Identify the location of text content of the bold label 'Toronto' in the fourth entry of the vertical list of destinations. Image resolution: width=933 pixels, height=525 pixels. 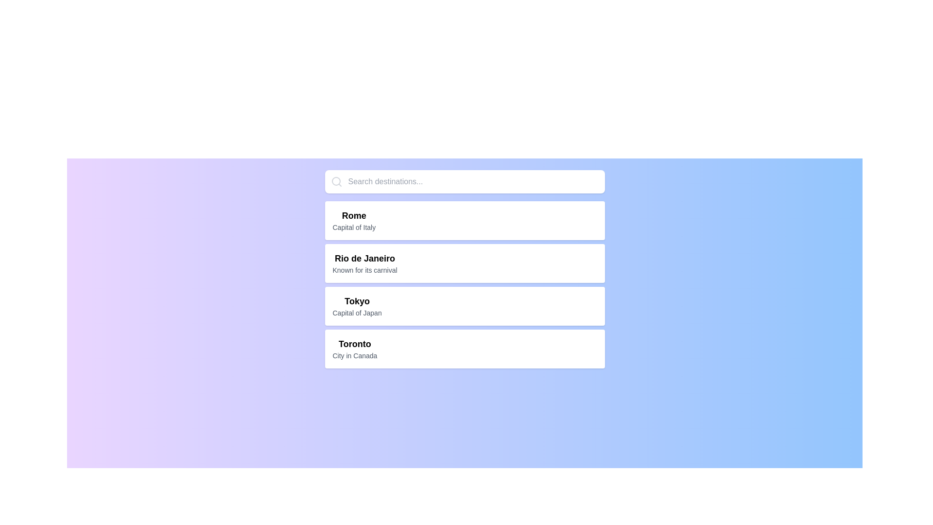
(354, 344).